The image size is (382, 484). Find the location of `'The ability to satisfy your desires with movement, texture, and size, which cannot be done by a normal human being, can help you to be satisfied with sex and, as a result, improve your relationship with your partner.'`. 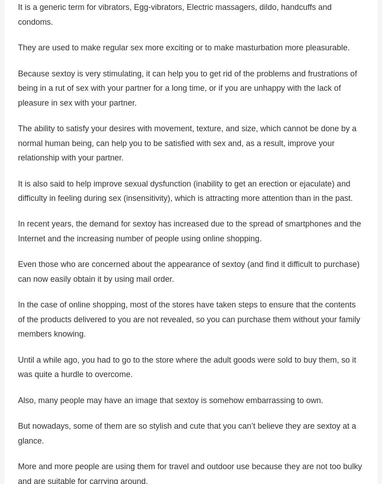

'The ability to satisfy your desires with movement, texture, and size, which cannot be done by a normal human being, can help you to be satisfied with sex and, as a result, improve your relationship with your partner.' is located at coordinates (187, 143).